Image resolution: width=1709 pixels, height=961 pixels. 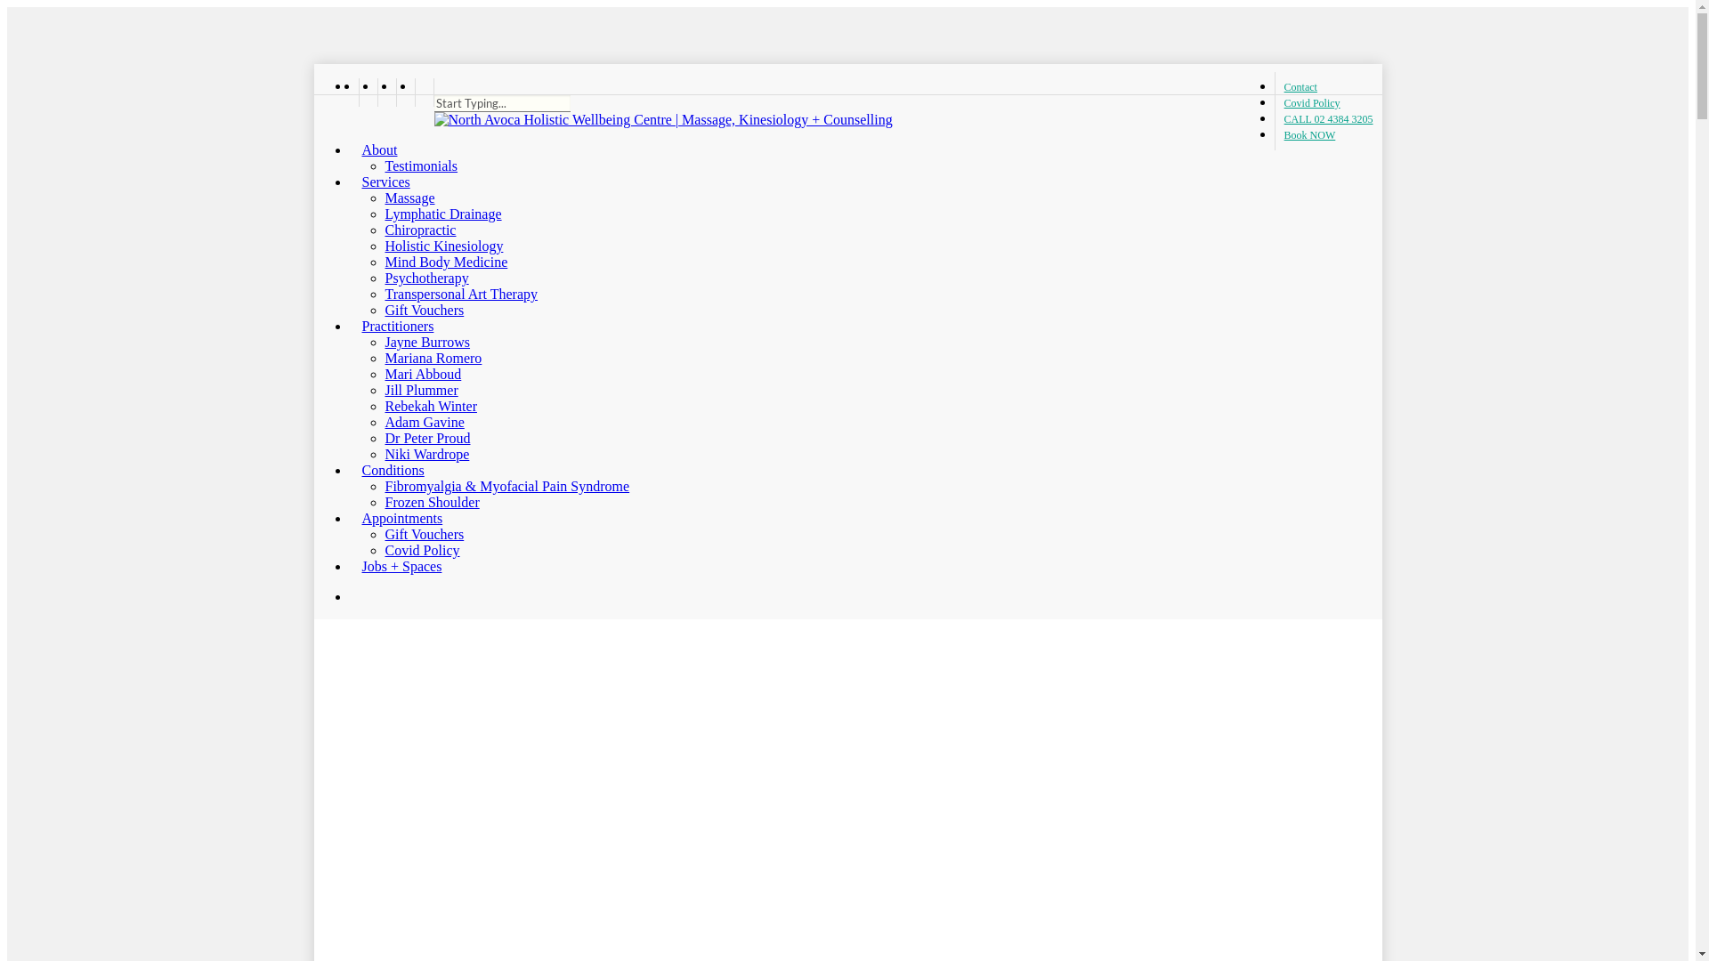 I want to click on 'Mind Body Medicine', so click(x=445, y=262).